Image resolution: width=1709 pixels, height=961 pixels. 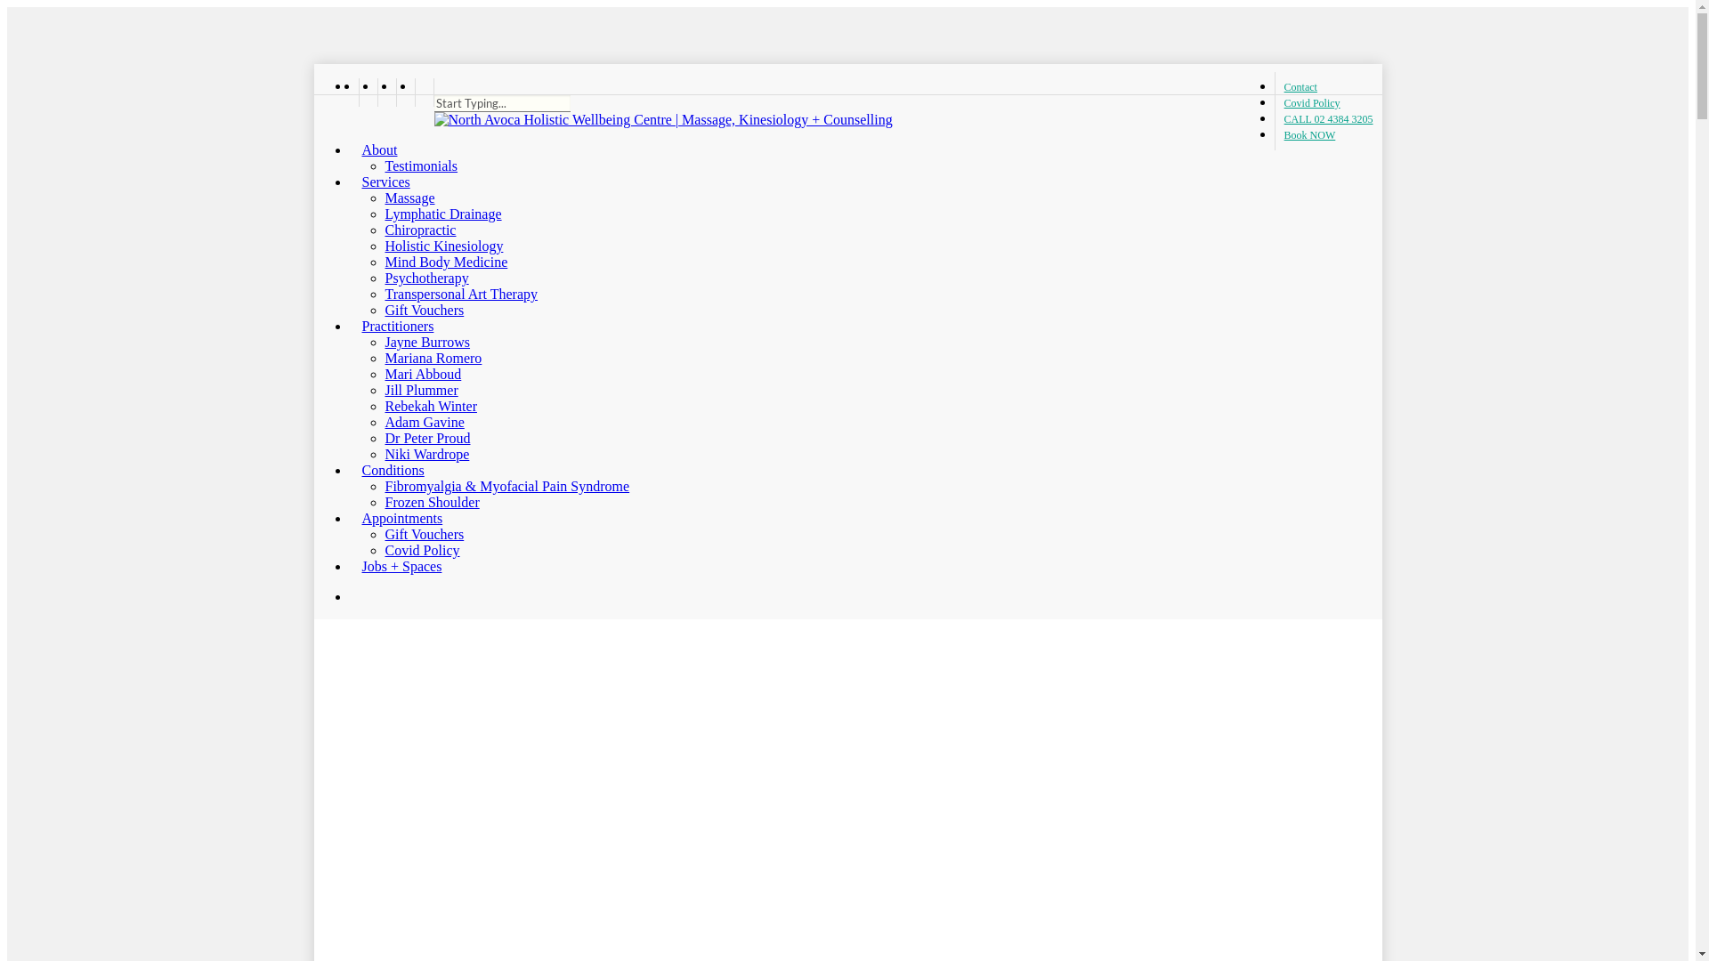 I want to click on 'Mind Body Medicine', so click(x=445, y=262).